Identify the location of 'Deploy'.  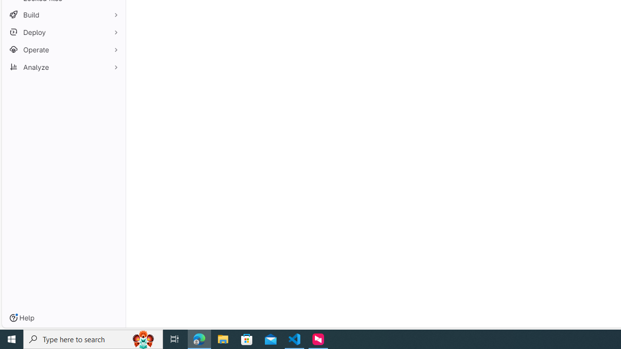
(63, 32).